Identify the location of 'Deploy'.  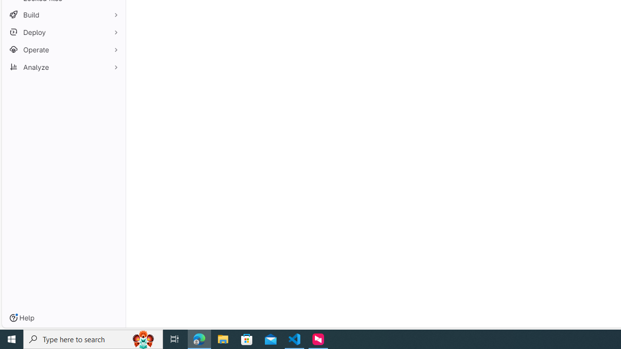
(63, 32).